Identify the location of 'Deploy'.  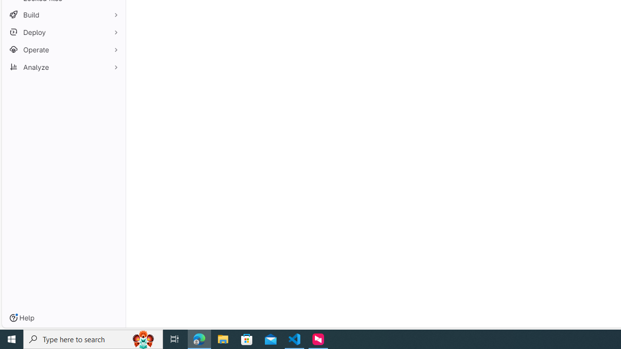
(63, 32).